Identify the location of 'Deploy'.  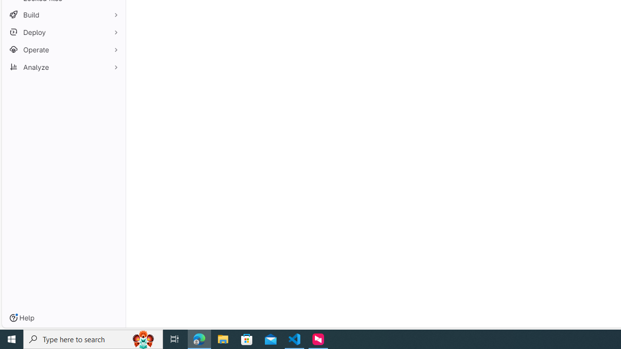
(63, 32).